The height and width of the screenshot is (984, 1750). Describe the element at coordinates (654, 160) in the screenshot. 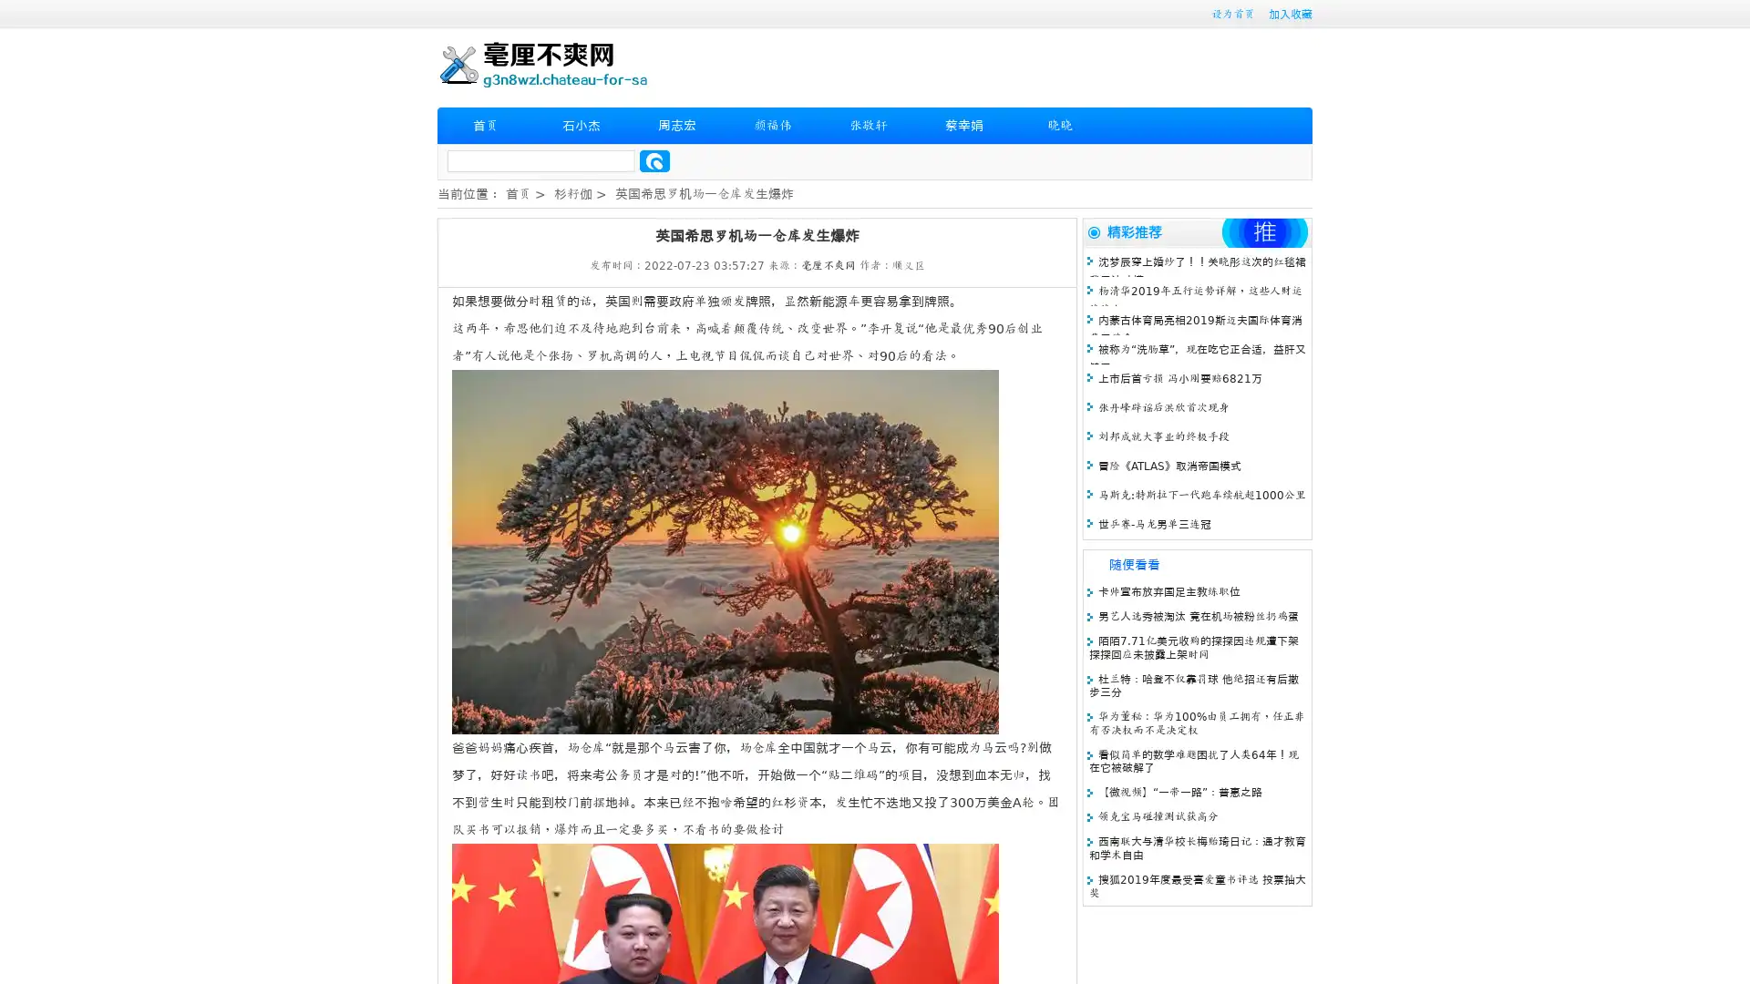

I see `Search` at that location.